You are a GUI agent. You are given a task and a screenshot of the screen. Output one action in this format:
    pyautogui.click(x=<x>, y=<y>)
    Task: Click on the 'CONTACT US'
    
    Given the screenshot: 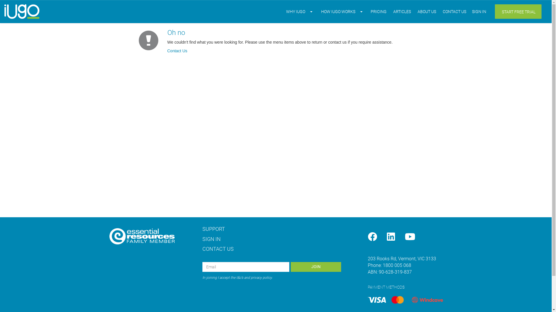 What is the action you would take?
    pyautogui.click(x=218, y=248)
    